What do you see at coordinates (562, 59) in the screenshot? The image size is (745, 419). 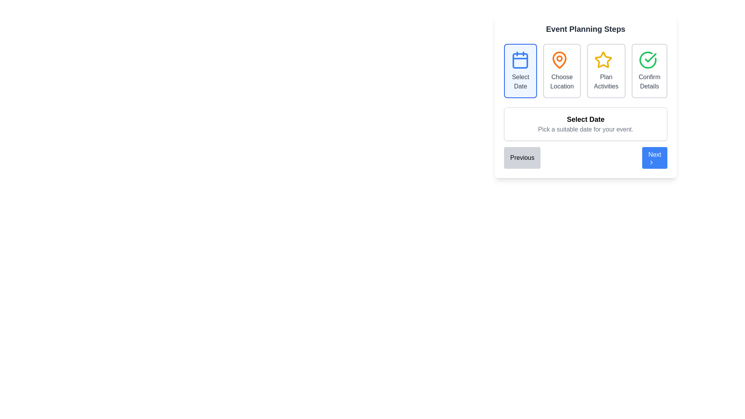 I see `the 'Choose Location' icon, which is the graphical representation of the location pin symbol in the 'Event Planning Steps' interface` at bounding box center [562, 59].